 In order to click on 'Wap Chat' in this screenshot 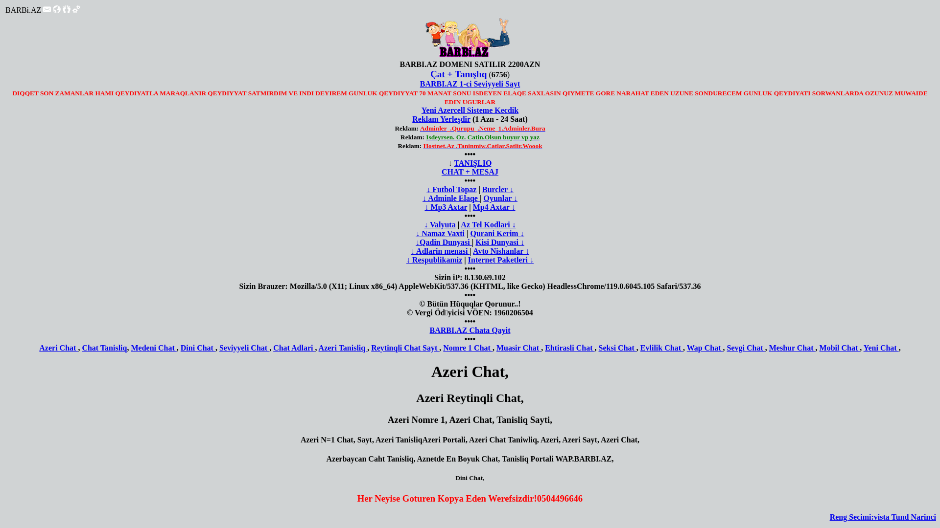, I will do `click(705, 347)`.